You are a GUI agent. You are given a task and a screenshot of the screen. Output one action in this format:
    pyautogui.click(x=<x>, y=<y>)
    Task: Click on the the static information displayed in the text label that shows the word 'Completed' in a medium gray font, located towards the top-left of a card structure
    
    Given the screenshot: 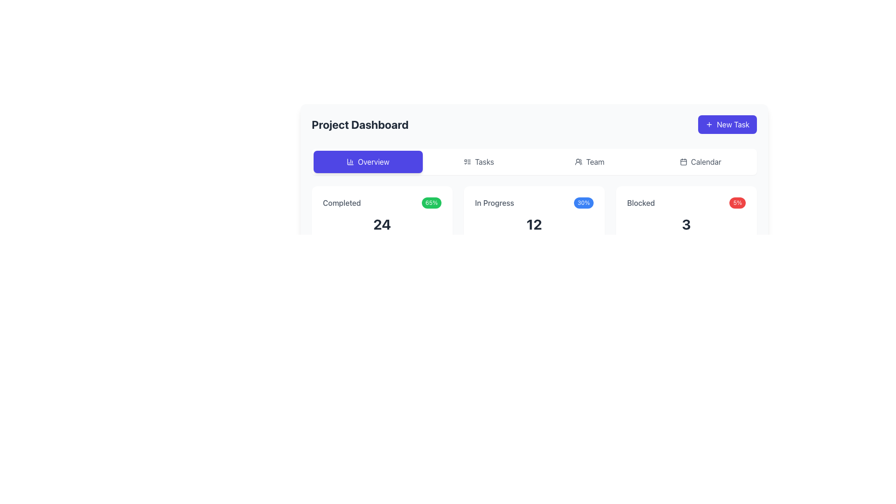 What is the action you would take?
    pyautogui.click(x=341, y=203)
    